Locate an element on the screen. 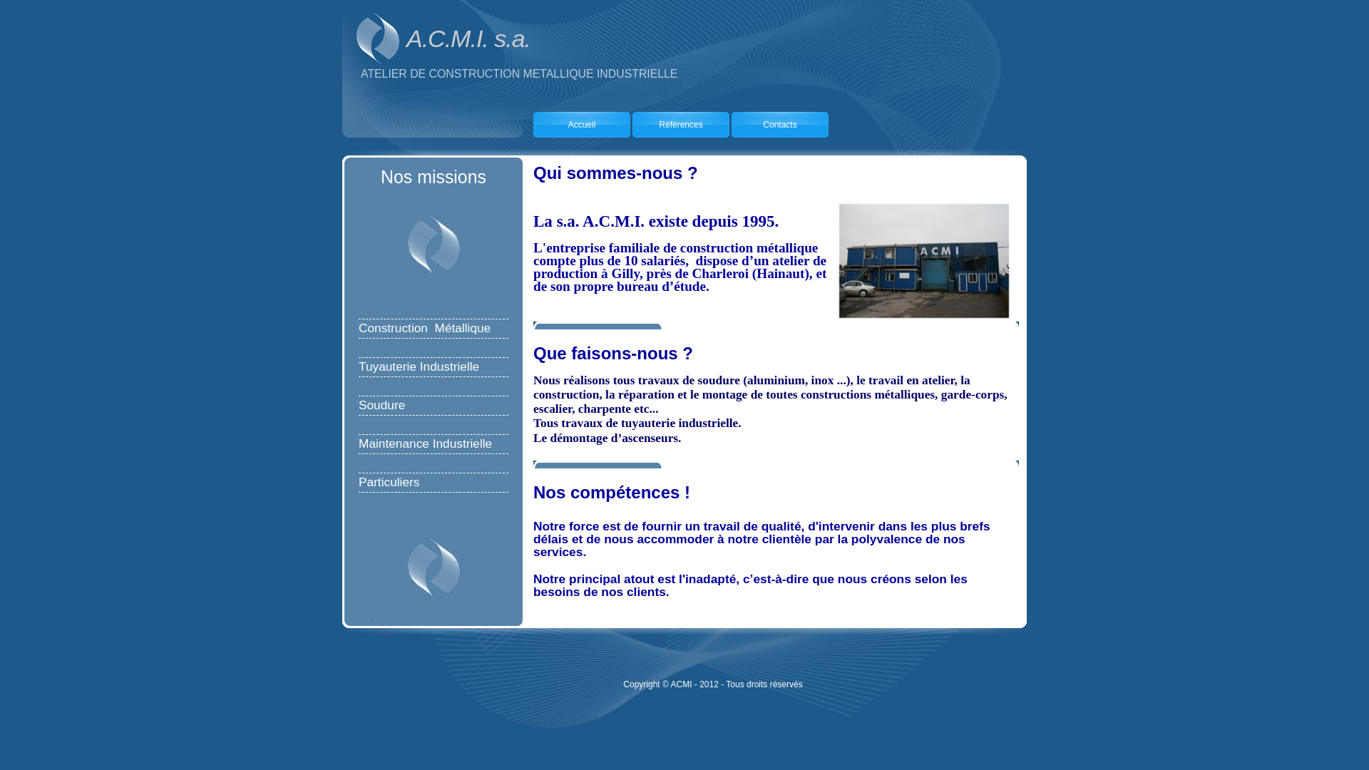  'Soudure' is located at coordinates (359, 406).